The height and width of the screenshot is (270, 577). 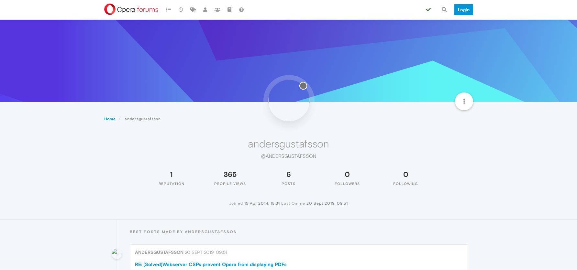 What do you see at coordinates (236, 203) in the screenshot?
I see `'Joined'` at bounding box center [236, 203].